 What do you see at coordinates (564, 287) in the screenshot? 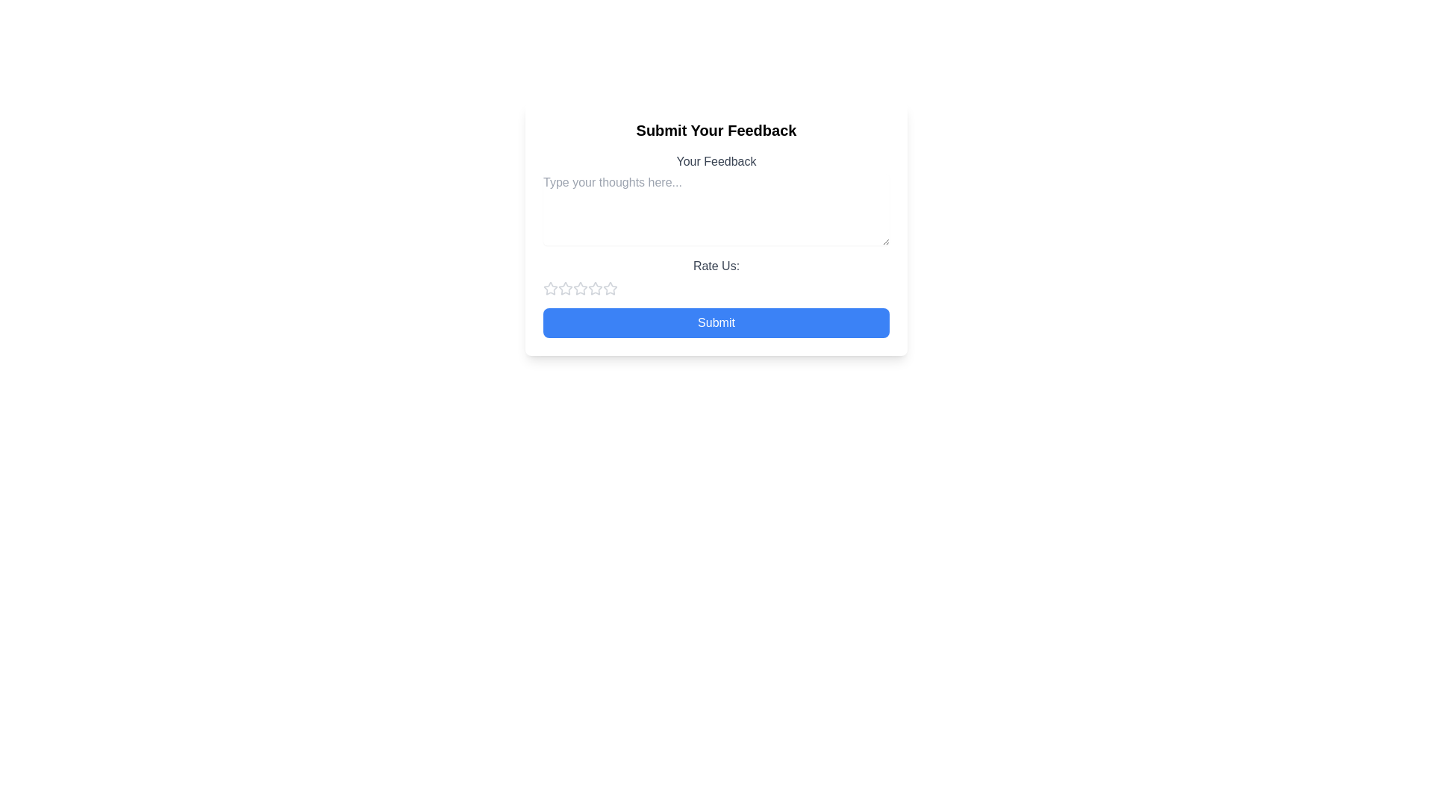
I see `the first star-shaped icon in the 'Rate Us' section to rate it` at bounding box center [564, 287].